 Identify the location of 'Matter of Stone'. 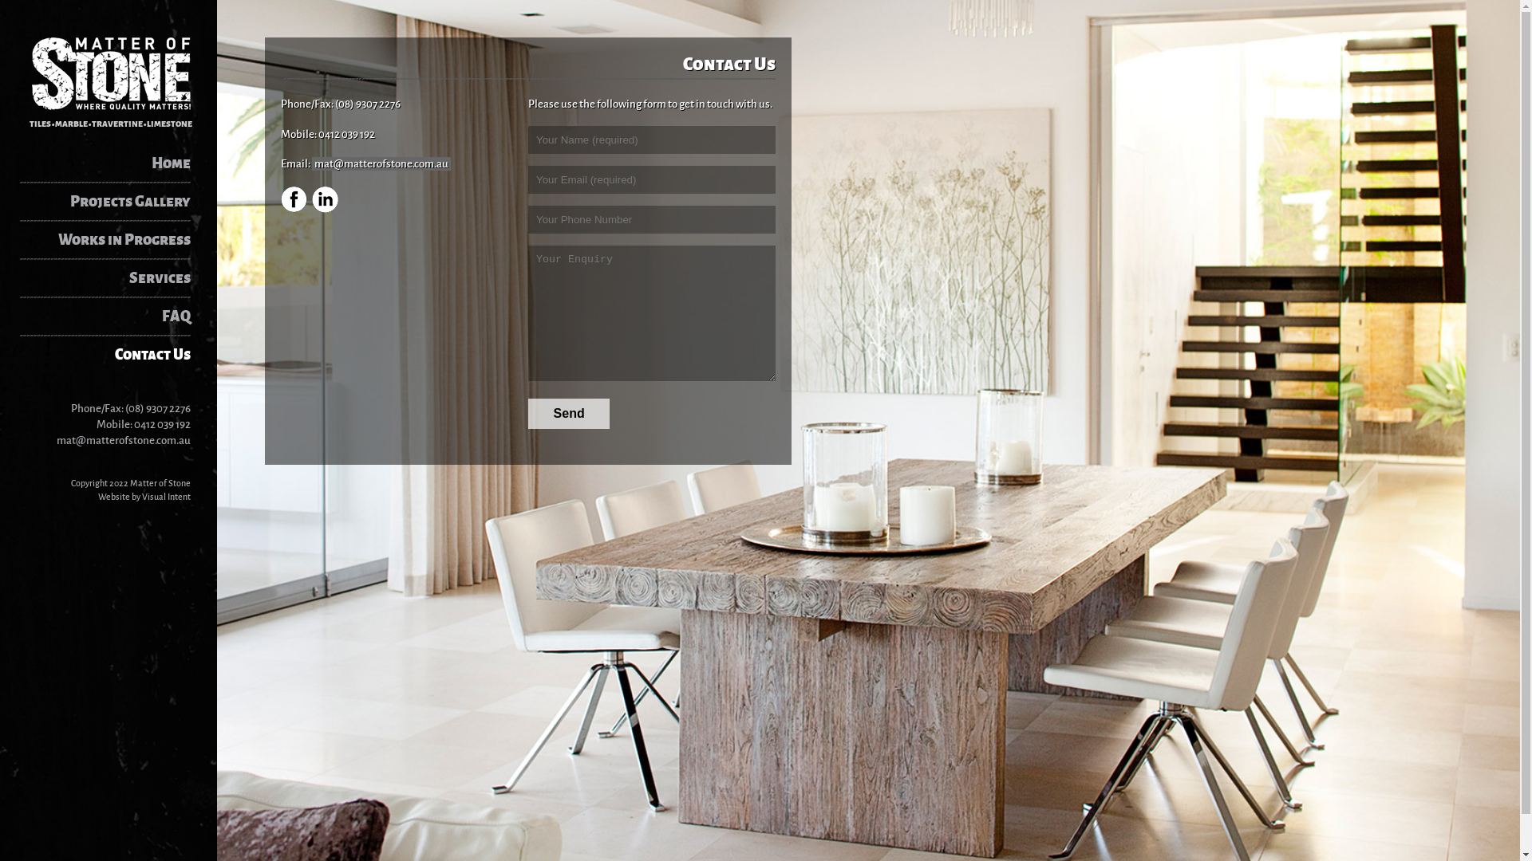
(109, 73).